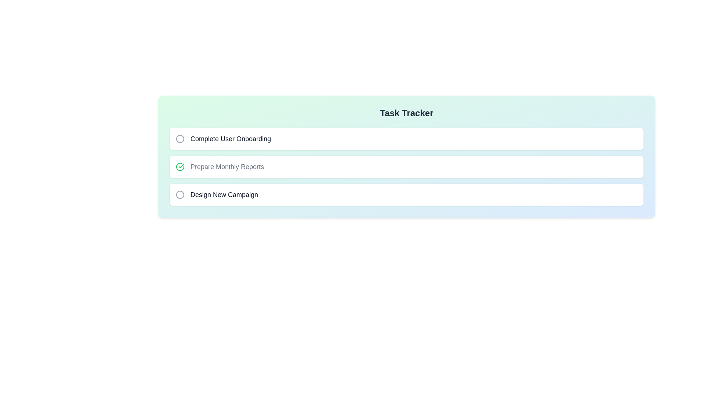 The height and width of the screenshot is (397, 706). I want to click on the task name Design New Campaign to copy it, so click(224, 194).